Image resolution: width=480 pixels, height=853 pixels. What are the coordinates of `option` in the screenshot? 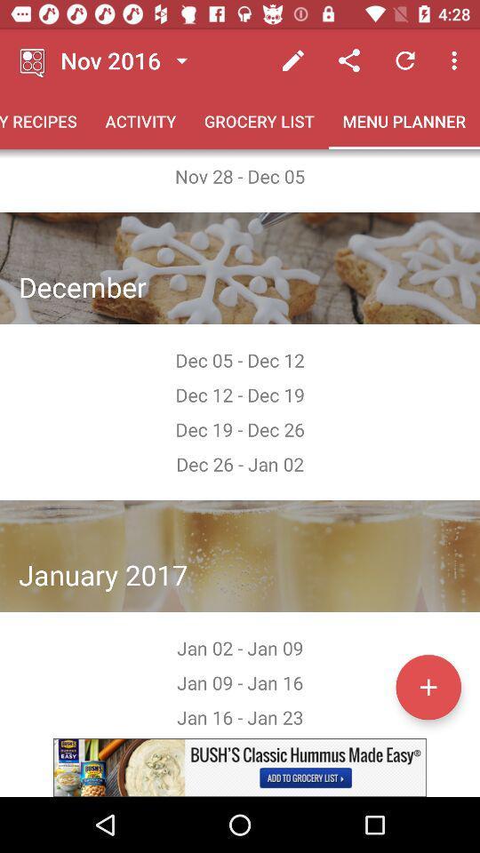 It's located at (428, 686).